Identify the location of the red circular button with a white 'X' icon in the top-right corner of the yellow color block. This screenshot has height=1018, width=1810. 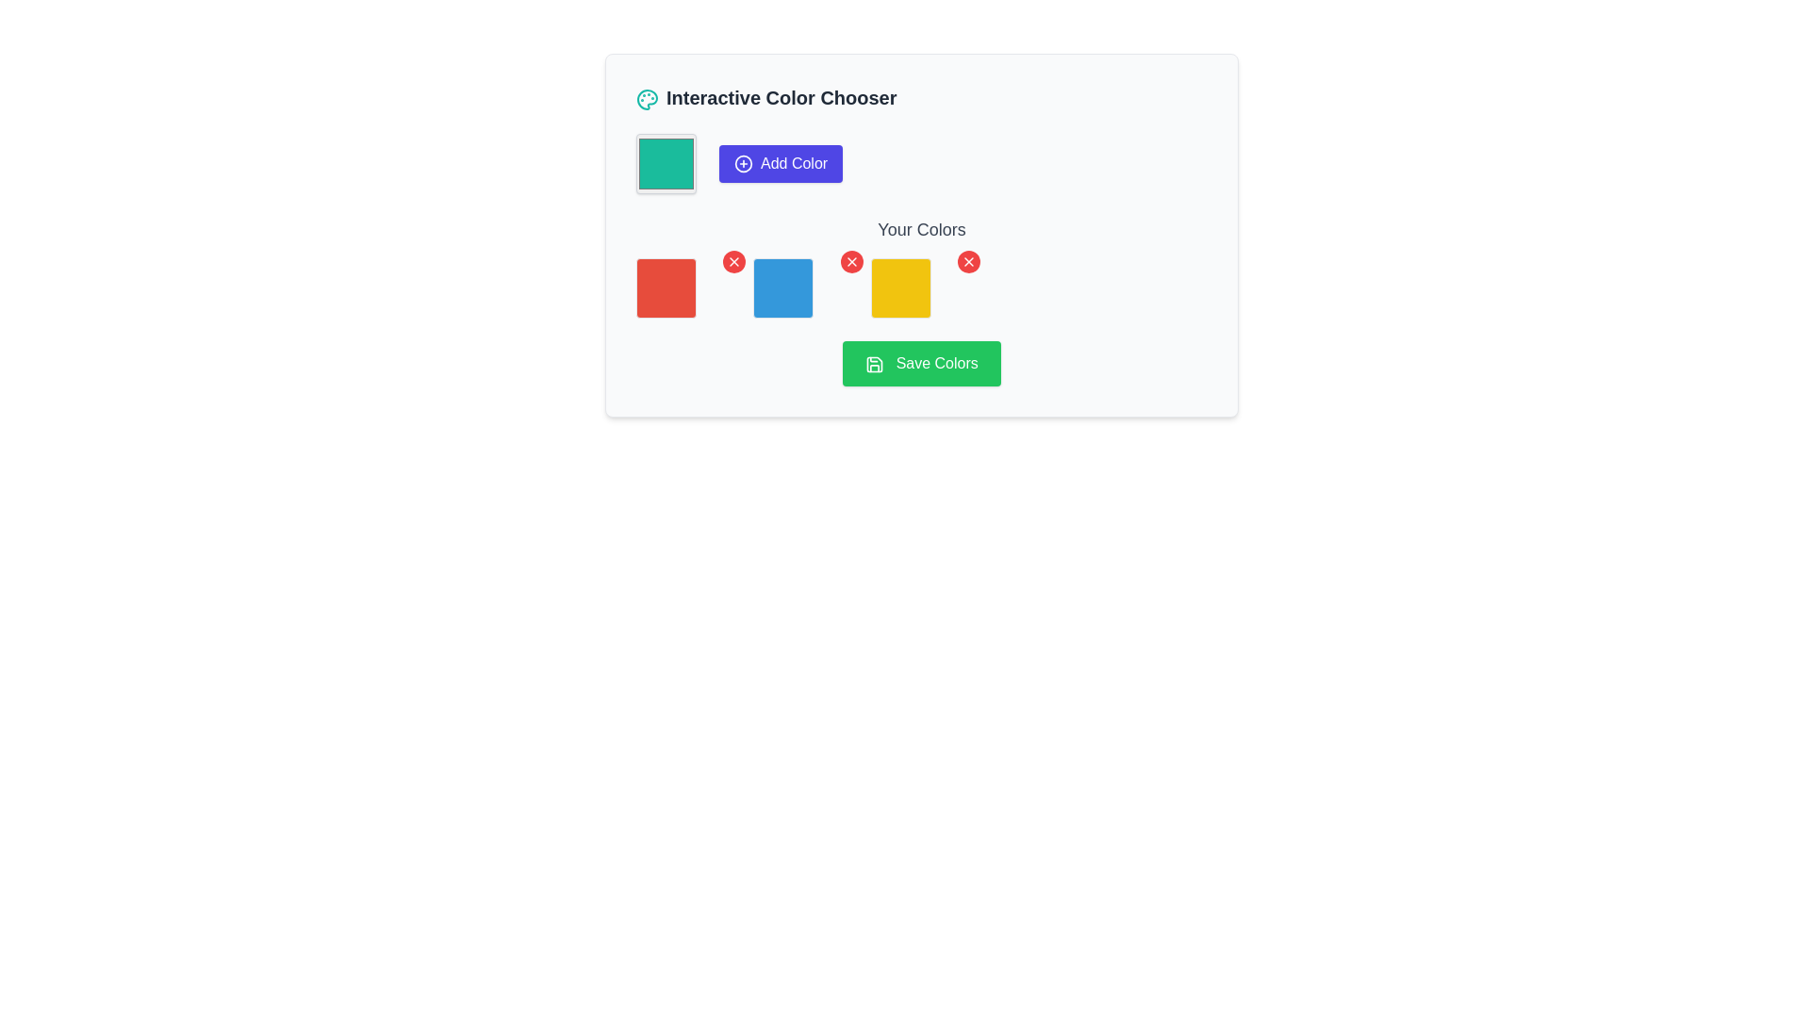
(969, 261).